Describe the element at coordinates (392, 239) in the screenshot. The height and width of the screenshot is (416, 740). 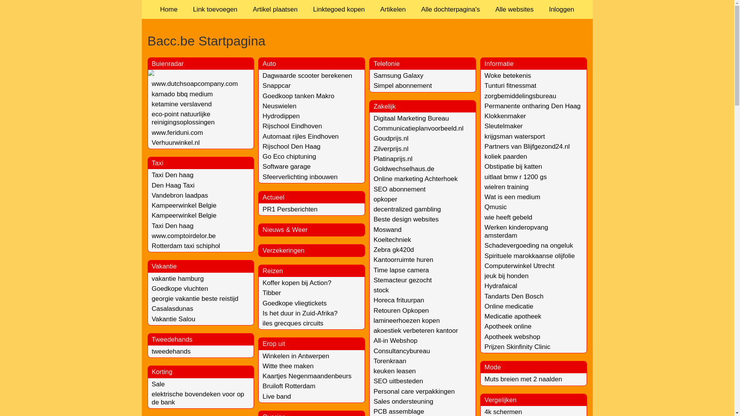
I see `'Koeltechniek'` at that location.